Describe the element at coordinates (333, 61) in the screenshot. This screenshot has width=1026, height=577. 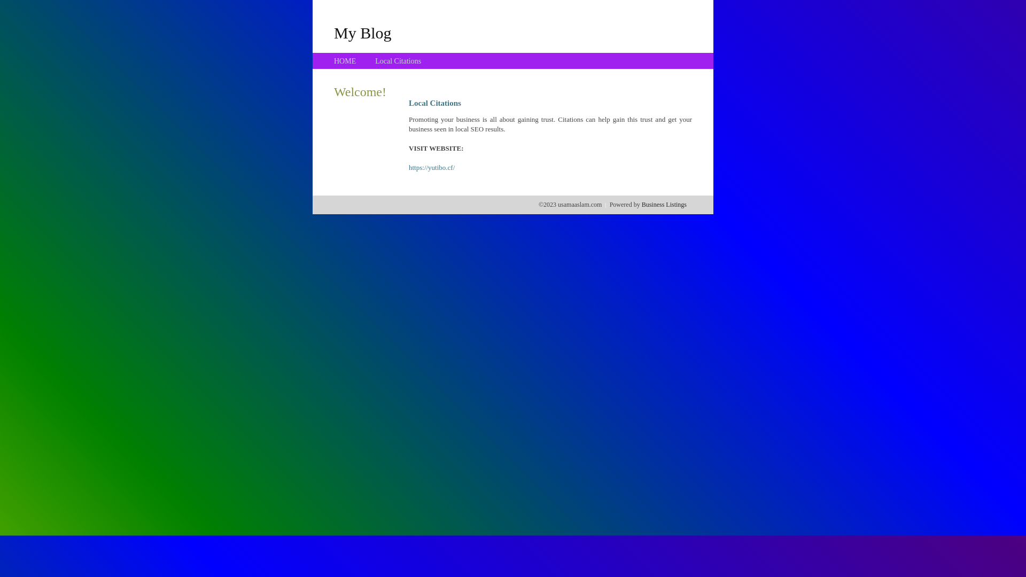
I see `'HOME'` at that location.